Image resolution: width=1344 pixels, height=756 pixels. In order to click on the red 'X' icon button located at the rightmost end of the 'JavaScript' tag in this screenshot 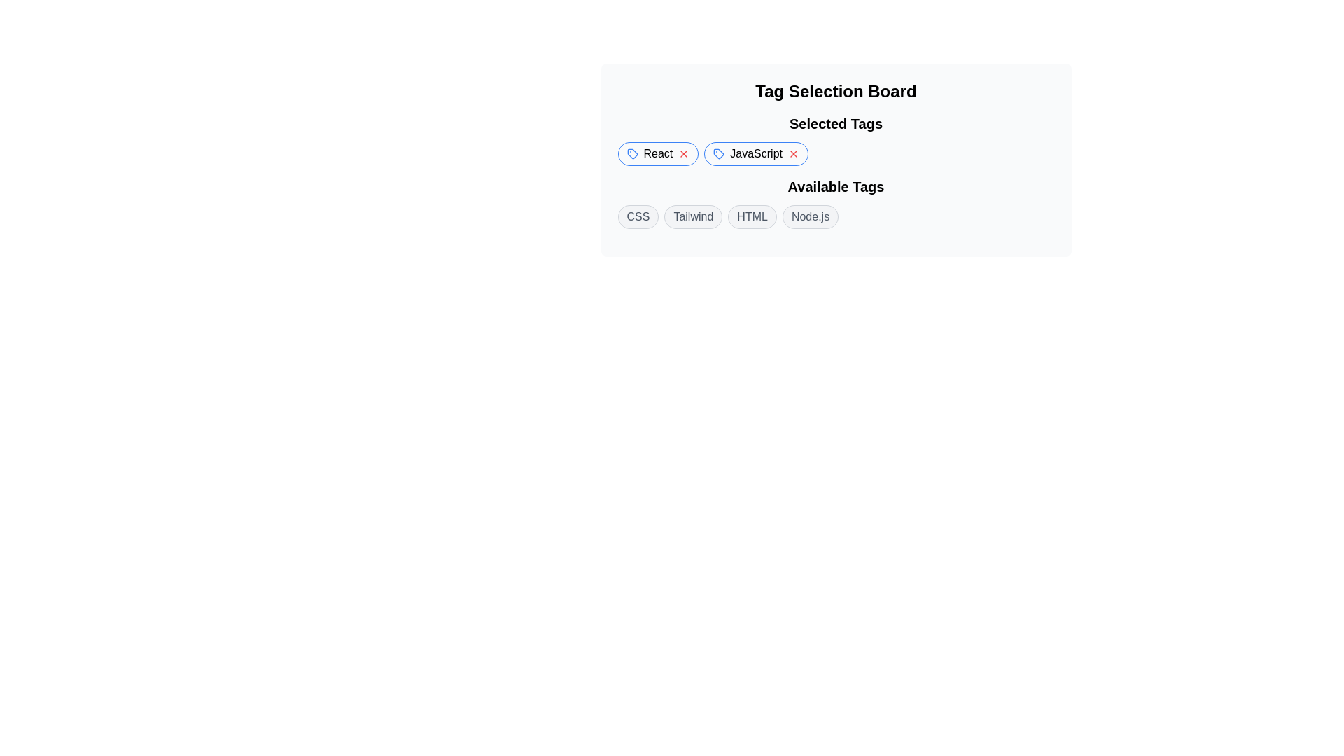, I will do `click(793, 153)`.